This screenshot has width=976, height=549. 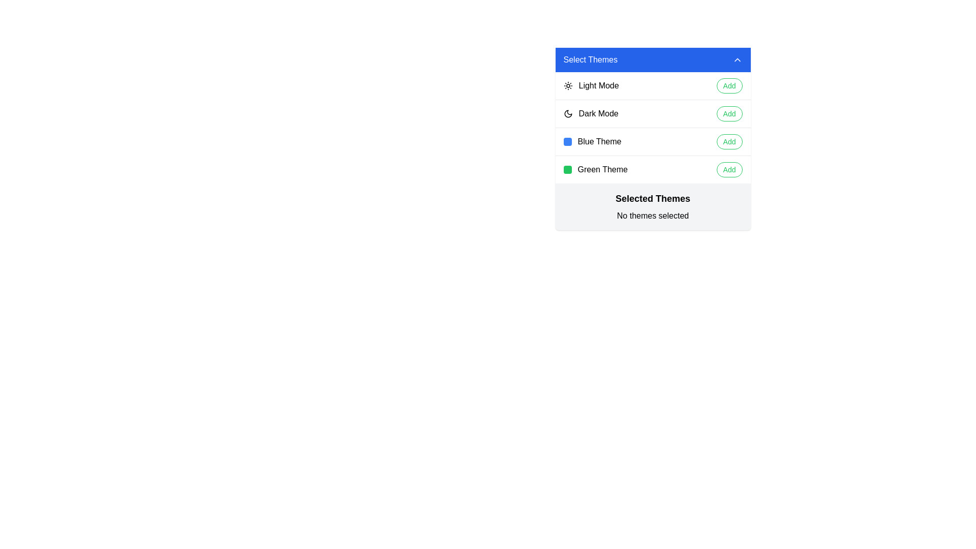 What do you see at coordinates (653, 215) in the screenshot?
I see `the text label that reads 'No themes selected', which is positioned centrally below the 'Selected Themes' heading` at bounding box center [653, 215].